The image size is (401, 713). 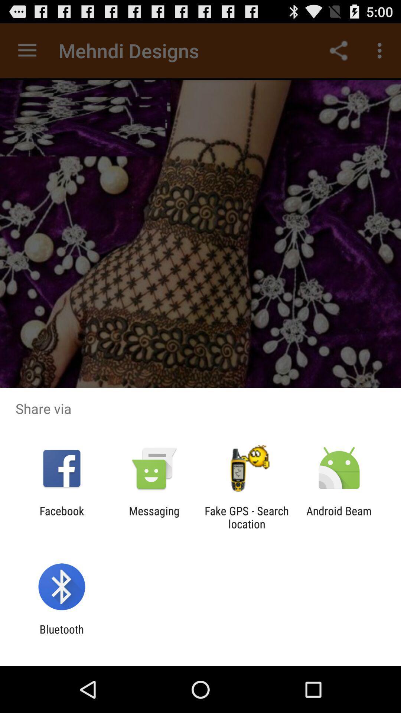 What do you see at coordinates (339, 517) in the screenshot?
I see `the android beam app` at bounding box center [339, 517].